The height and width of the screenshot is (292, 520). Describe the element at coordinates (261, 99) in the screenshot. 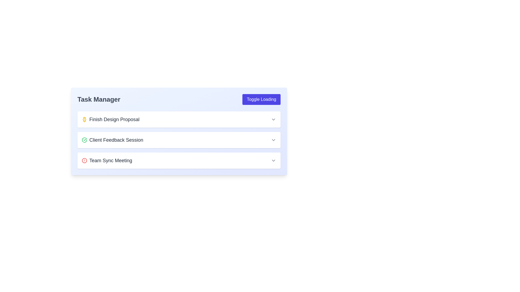

I see `the interactive button located in the upper right corner of the header section` at that location.